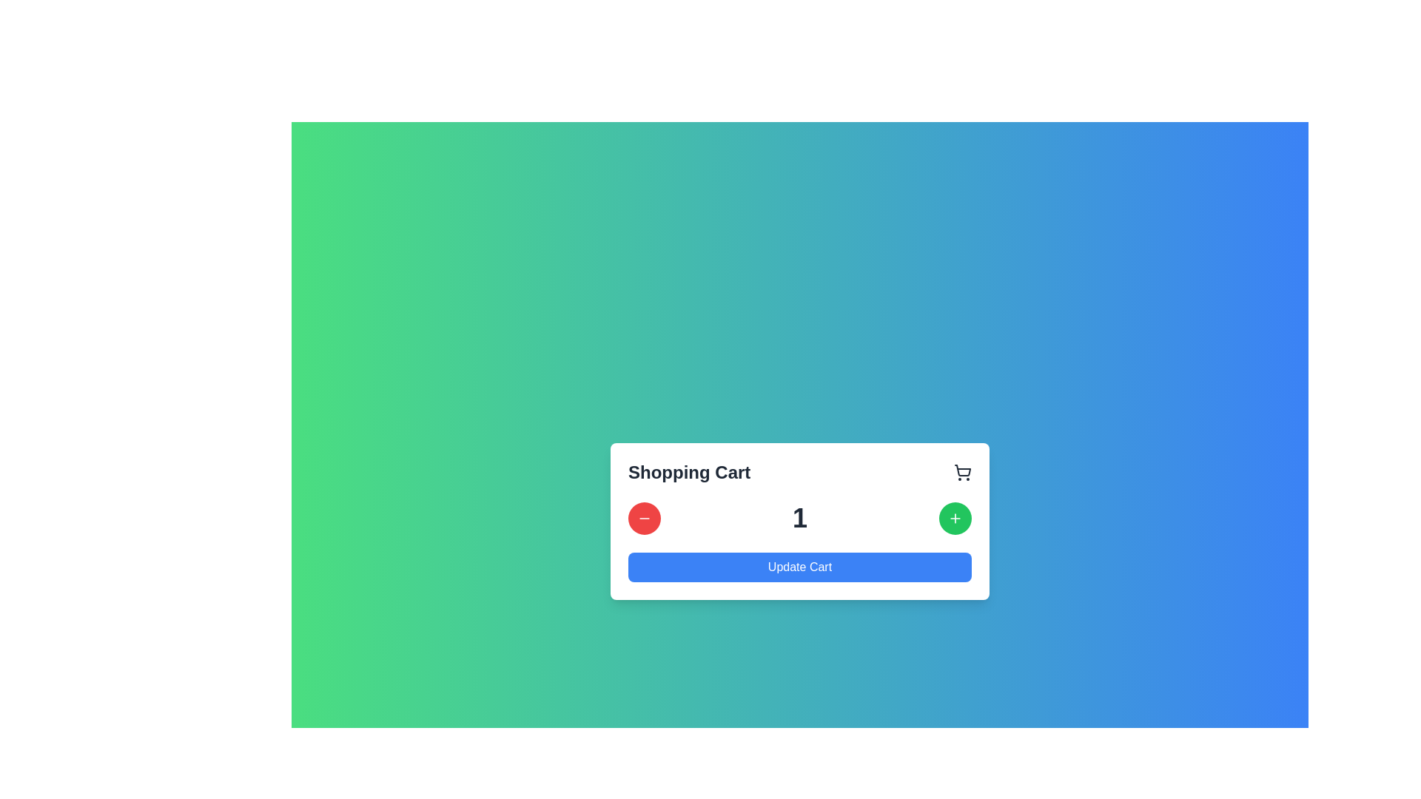 The height and width of the screenshot is (799, 1421). Describe the element at coordinates (962, 473) in the screenshot. I see `the shopping cart icon, which is a dark gray minimalist design located to the far right of the 'Shopping Cart' header` at that location.